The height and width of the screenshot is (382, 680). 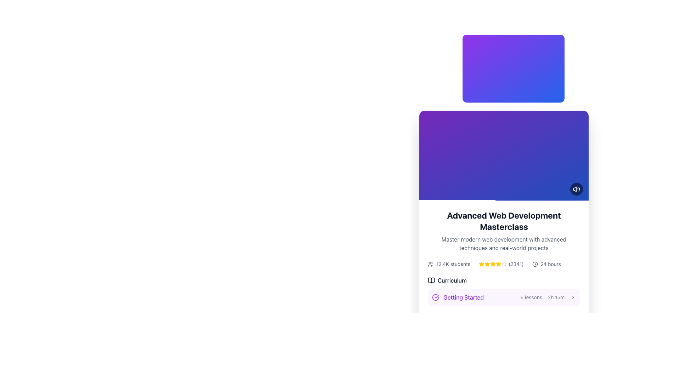 What do you see at coordinates (487, 264) in the screenshot?
I see `the third star icon in the star rating component, which visually represents the course's average rating` at bounding box center [487, 264].